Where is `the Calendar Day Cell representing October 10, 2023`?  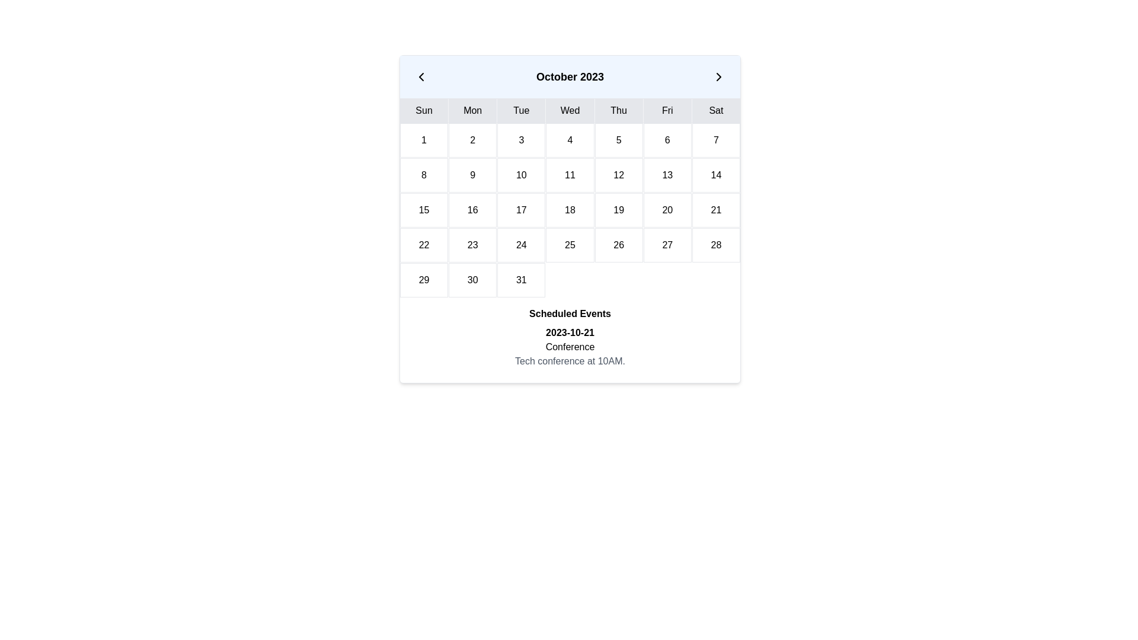 the Calendar Day Cell representing October 10, 2023 is located at coordinates (521, 175).